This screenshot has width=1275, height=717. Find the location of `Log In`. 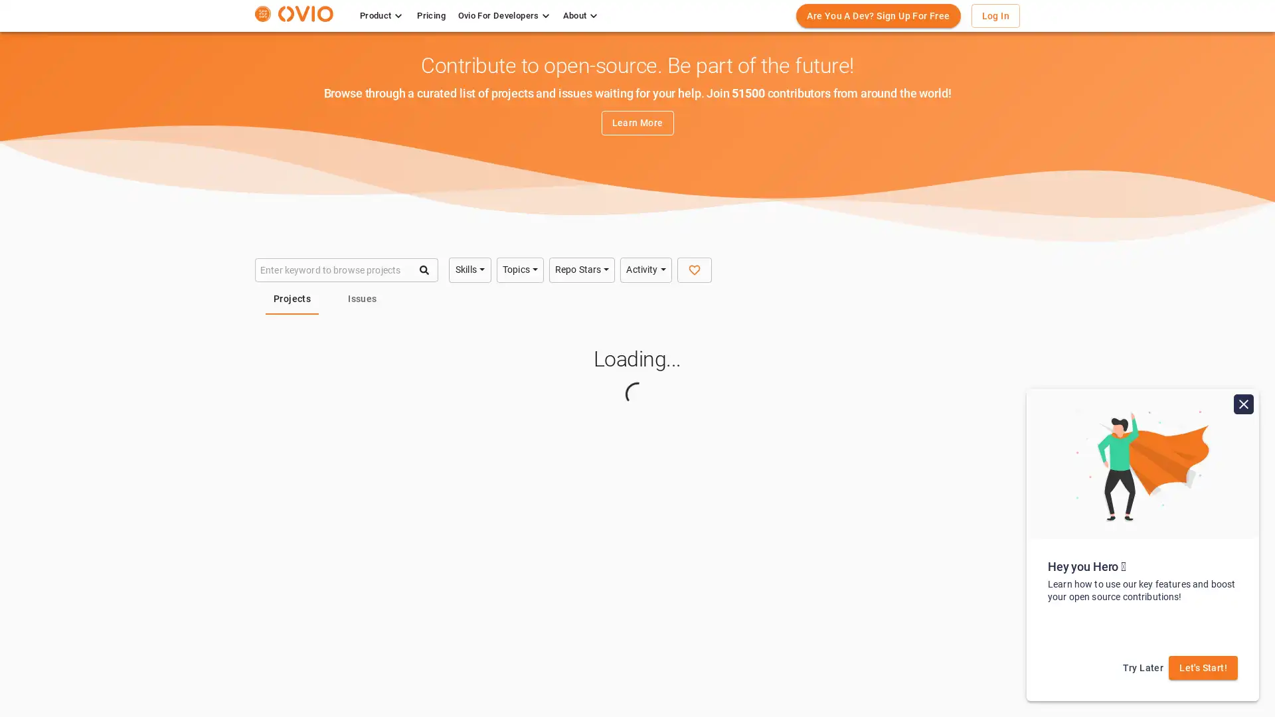

Log In is located at coordinates (995, 15).